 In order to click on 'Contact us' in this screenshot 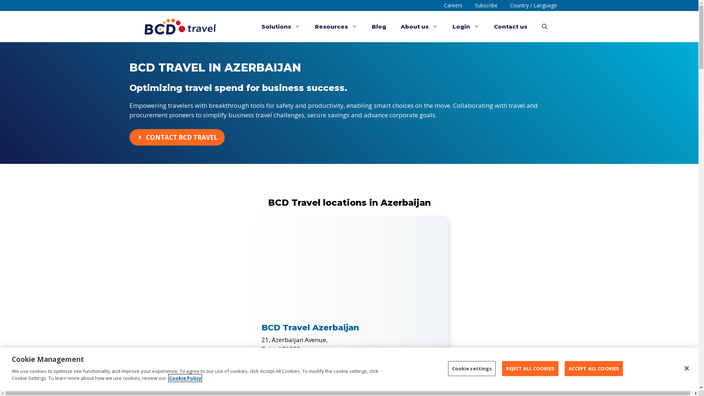, I will do `click(510, 26)`.